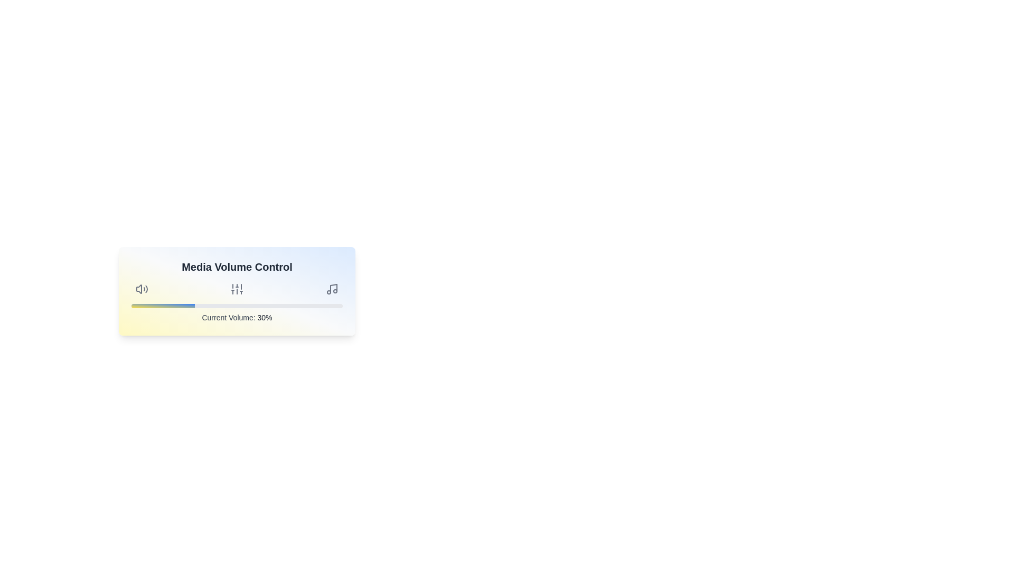 The image size is (1014, 570). What do you see at coordinates (138, 289) in the screenshot?
I see `the volume control icon located on the far left of a horizontal row of three icons in the upper section of the interface` at bounding box center [138, 289].